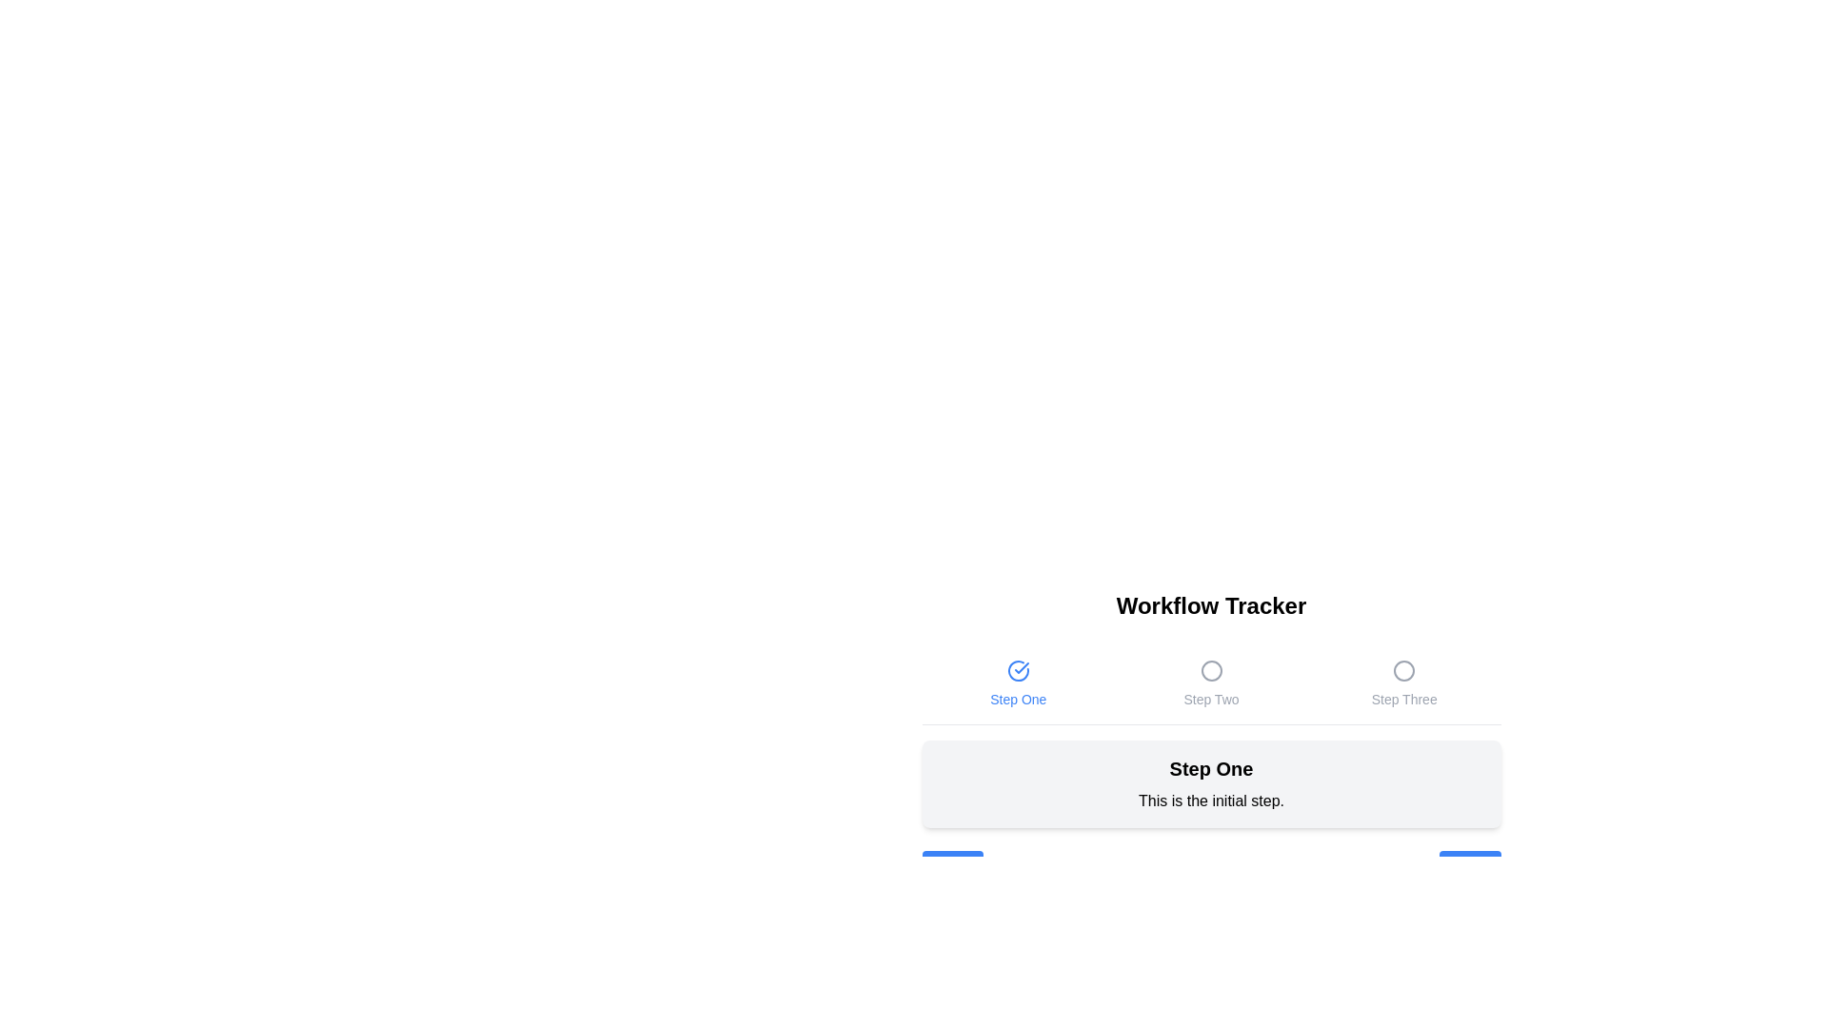 The height and width of the screenshot is (1028, 1828). What do you see at coordinates (1210, 697) in the screenshot?
I see `the second step indicator in the multi-step workflow tracker, which visually represents the user's progress` at bounding box center [1210, 697].